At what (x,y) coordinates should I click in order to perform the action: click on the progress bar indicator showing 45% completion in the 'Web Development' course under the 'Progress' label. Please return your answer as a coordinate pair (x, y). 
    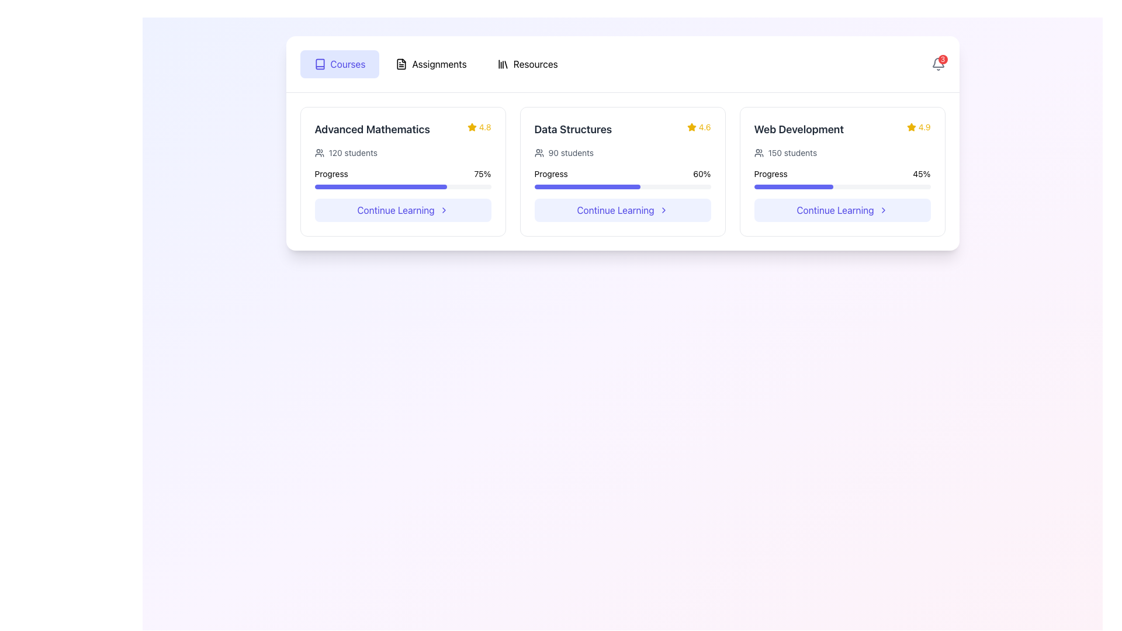
    Looking at the image, I should click on (794, 186).